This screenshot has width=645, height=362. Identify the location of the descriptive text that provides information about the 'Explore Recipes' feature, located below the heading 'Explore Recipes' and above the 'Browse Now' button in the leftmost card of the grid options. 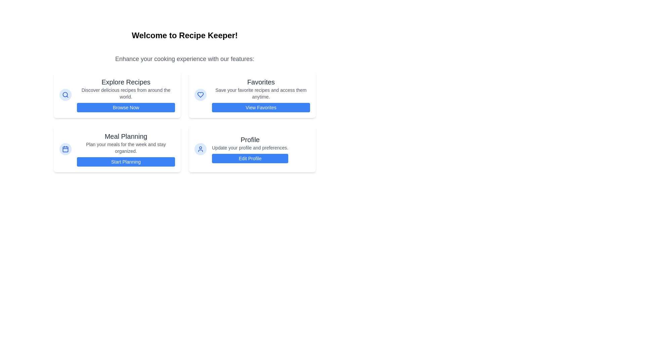
(126, 93).